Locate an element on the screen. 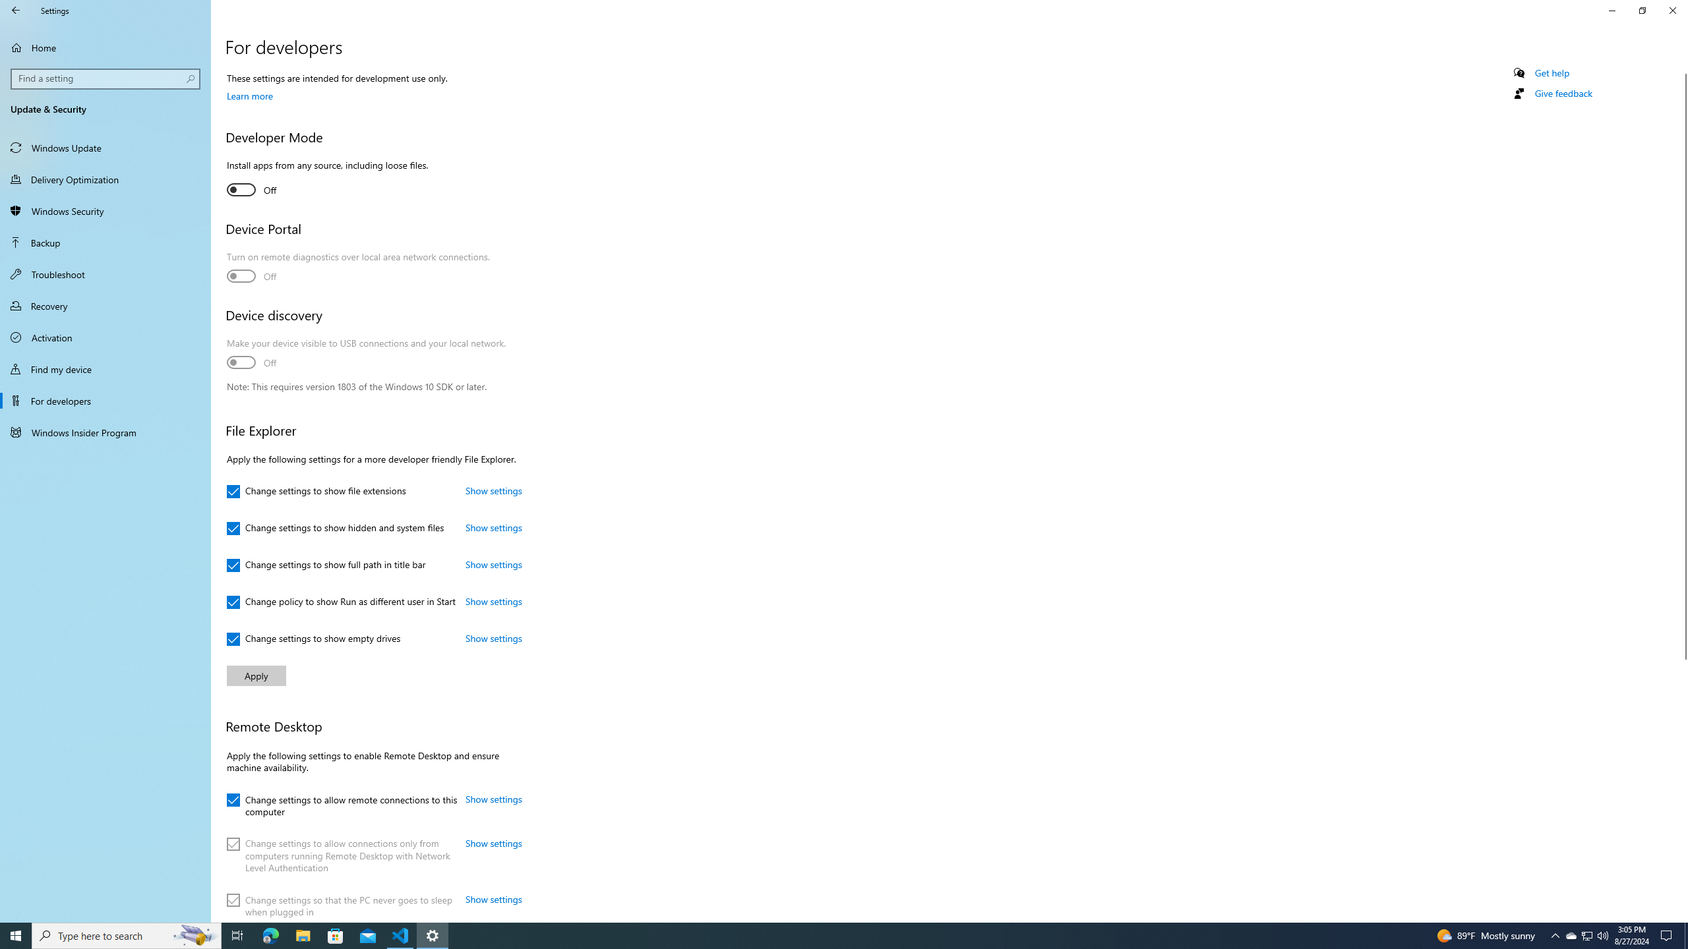  'Vertical Small Decrease' is located at coordinates (1682, 68).